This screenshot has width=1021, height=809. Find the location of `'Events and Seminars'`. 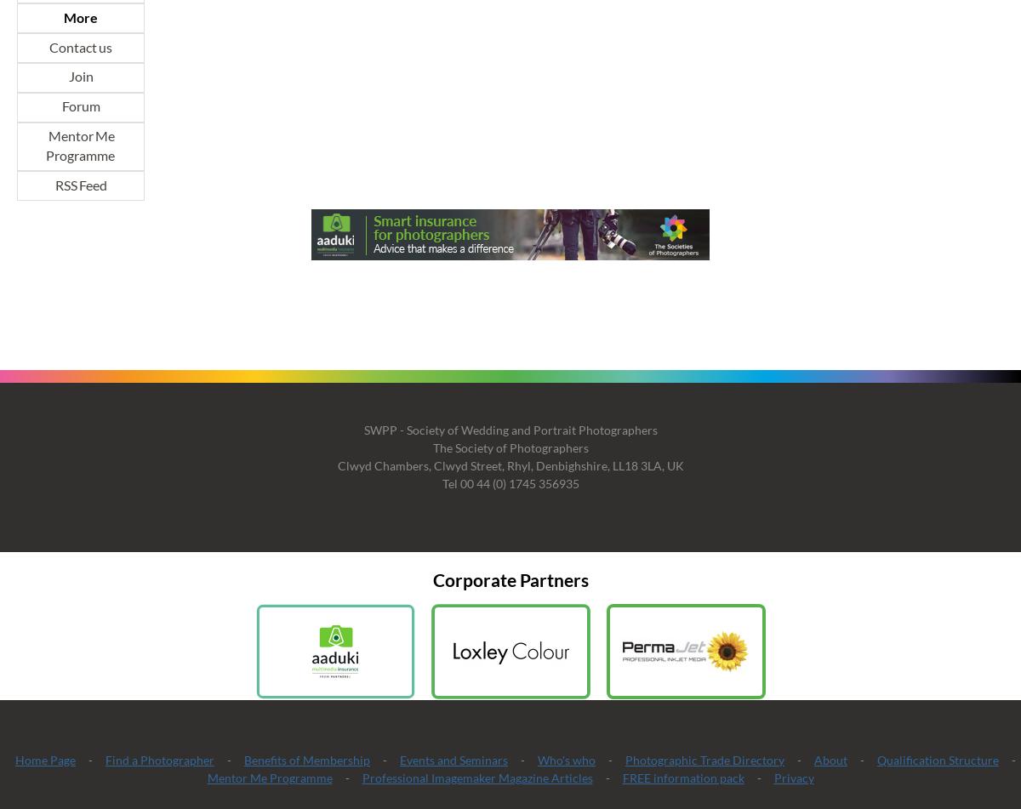

'Events and Seminars' is located at coordinates (453, 758).